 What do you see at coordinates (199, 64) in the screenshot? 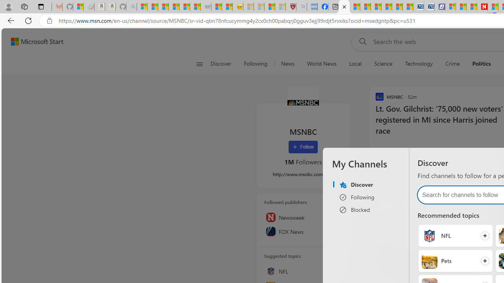
I see `'Class: button-glyph'` at bounding box center [199, 64].